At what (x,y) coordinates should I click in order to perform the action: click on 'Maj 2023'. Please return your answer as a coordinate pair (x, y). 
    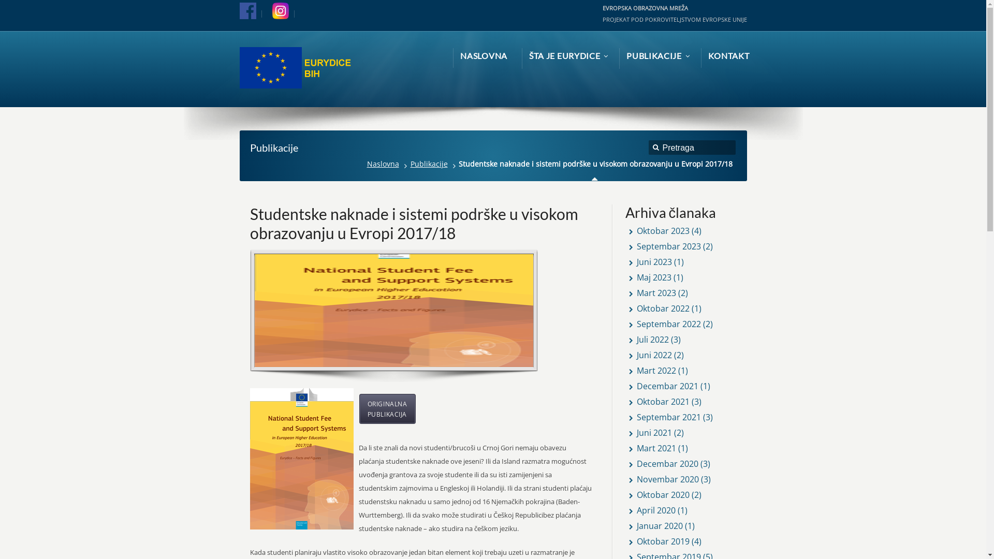
    Looking at the image, I should click on (653, 277).